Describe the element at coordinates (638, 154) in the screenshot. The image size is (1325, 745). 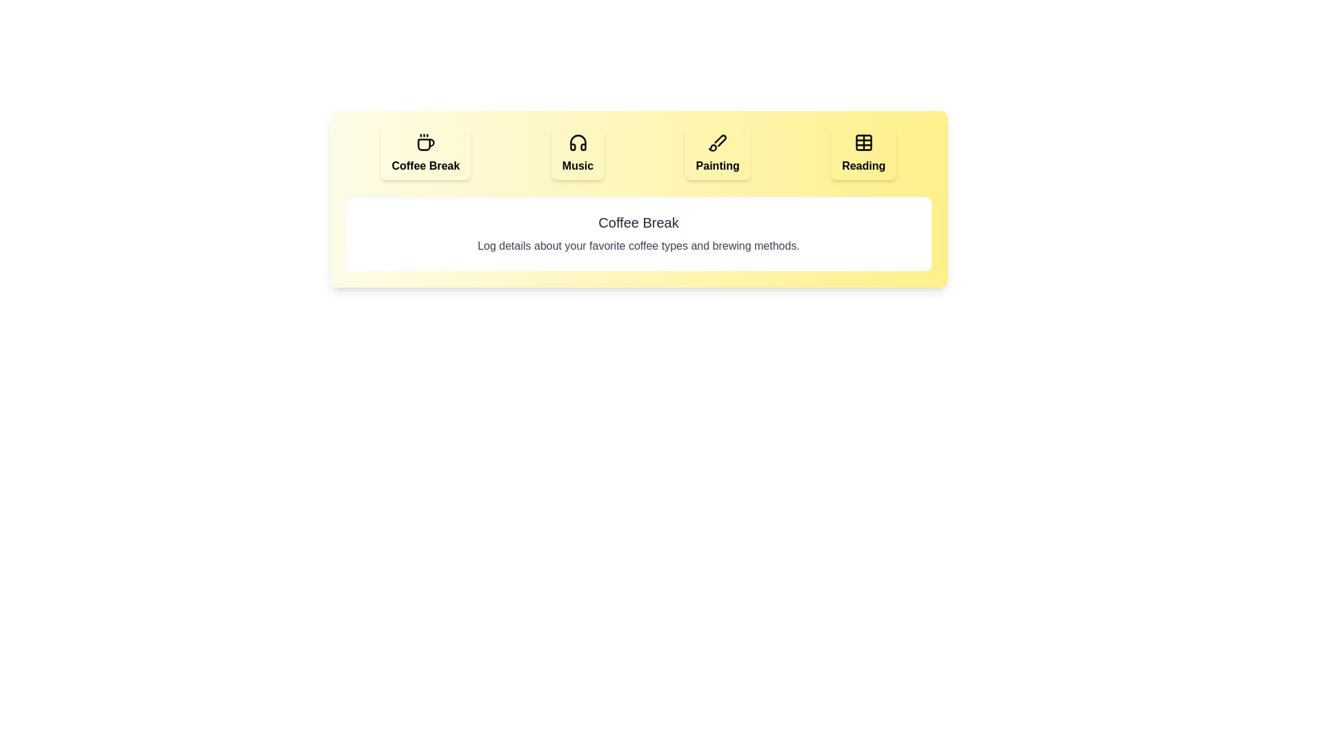
I see `the Horizontal tab navigation bar at the center coordinates` at that location.